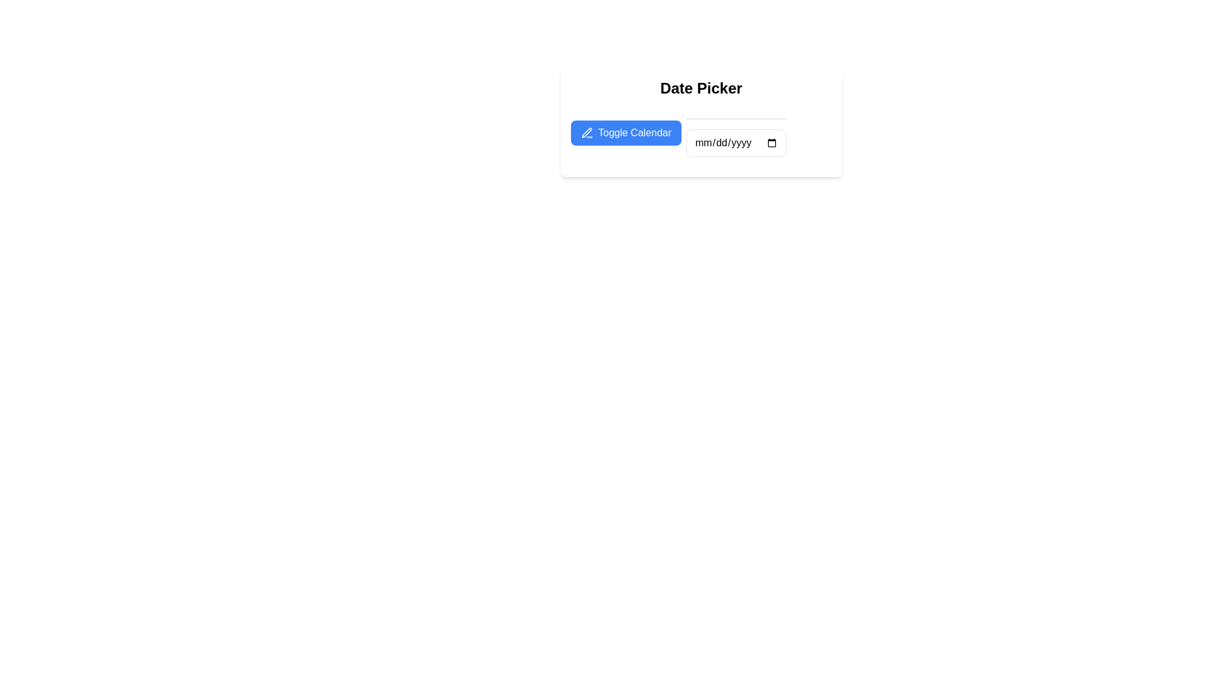 Image resolution: width=1206 pixels, height=678 pixels. Describe the element at coordinates (586, 132) in the screenshot. I see `the pen icon located inside the 'Toggle Calendar' button on the left side, which is part of the date picker interface` at that location.